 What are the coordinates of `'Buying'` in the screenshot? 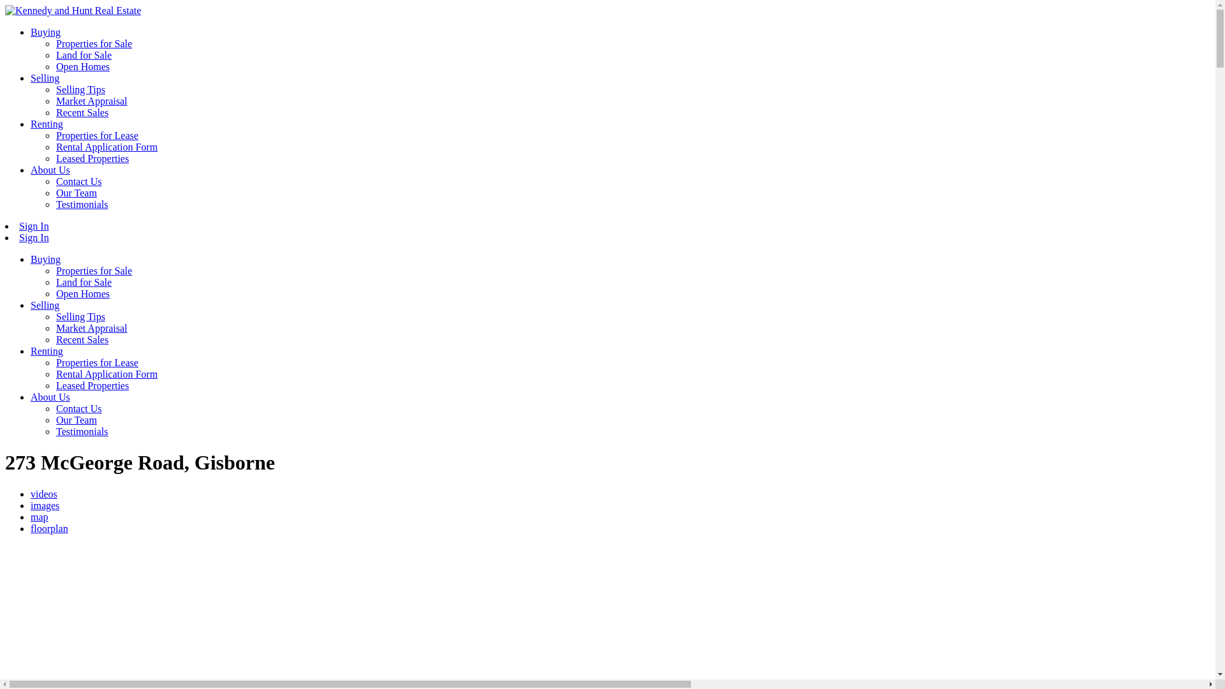 It's located at (45, 31).